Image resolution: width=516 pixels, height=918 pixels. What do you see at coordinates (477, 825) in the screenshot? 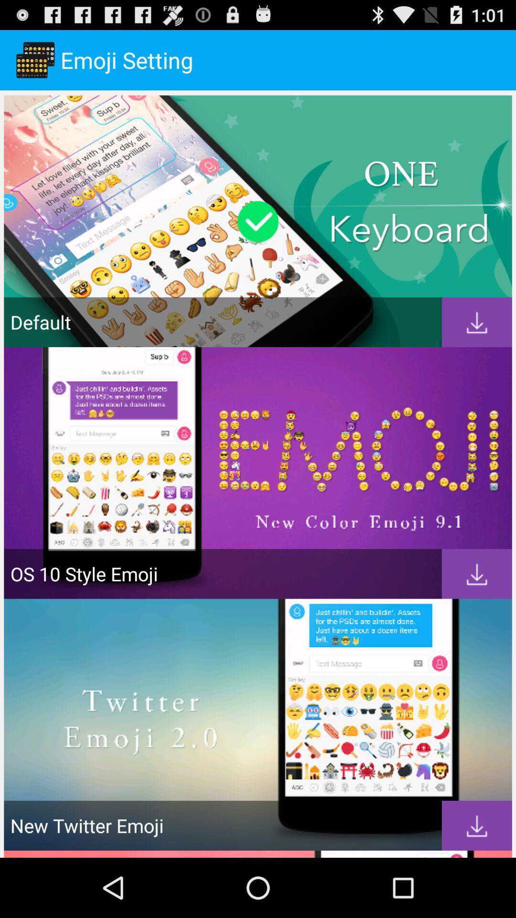
I see `download option` at bounding box center [477, 825].